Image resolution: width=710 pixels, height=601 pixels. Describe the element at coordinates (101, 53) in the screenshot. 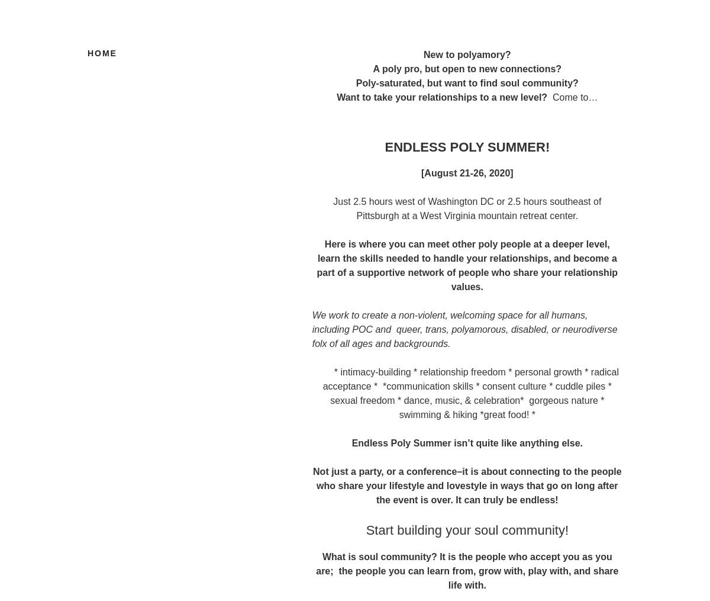

I see `'Home'` at that location.